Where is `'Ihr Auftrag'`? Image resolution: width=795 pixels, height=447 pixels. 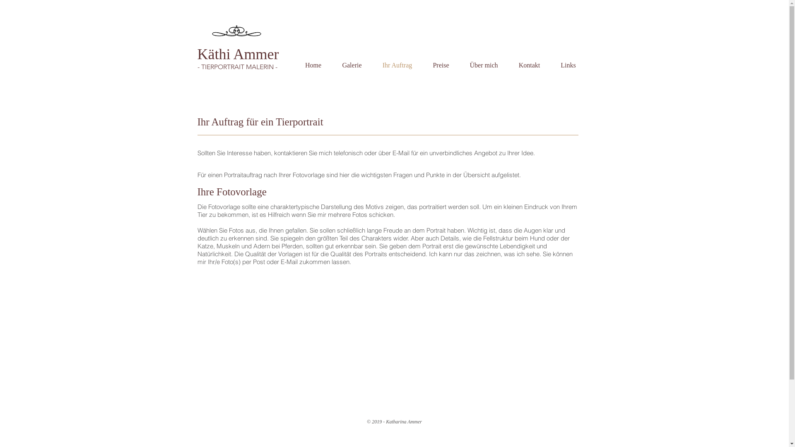 'Ihr Auftrag' is located at coordinates (397, 65).